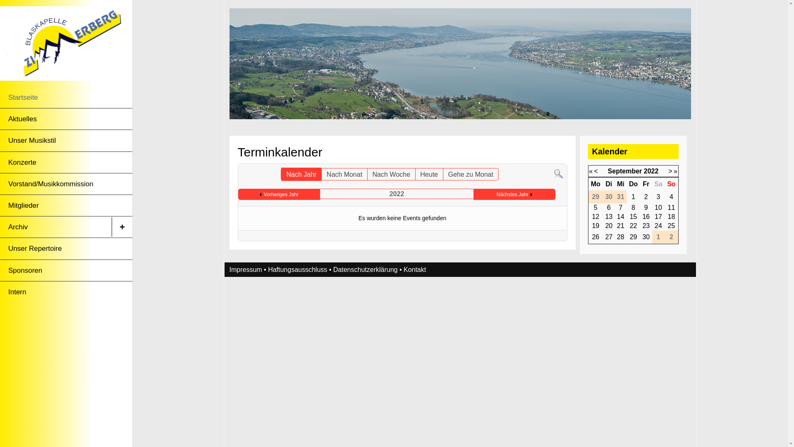 The width and height of the screenshot is (794, 447). What do you see at coordinates (55, 270) in the screenshot?
I see `'Sponsoren'` at bounding box center [55, 270].